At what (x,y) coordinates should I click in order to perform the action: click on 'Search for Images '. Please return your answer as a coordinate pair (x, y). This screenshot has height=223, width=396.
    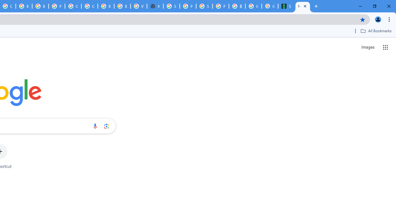
    Looking at the image, I should click on (368, 47).